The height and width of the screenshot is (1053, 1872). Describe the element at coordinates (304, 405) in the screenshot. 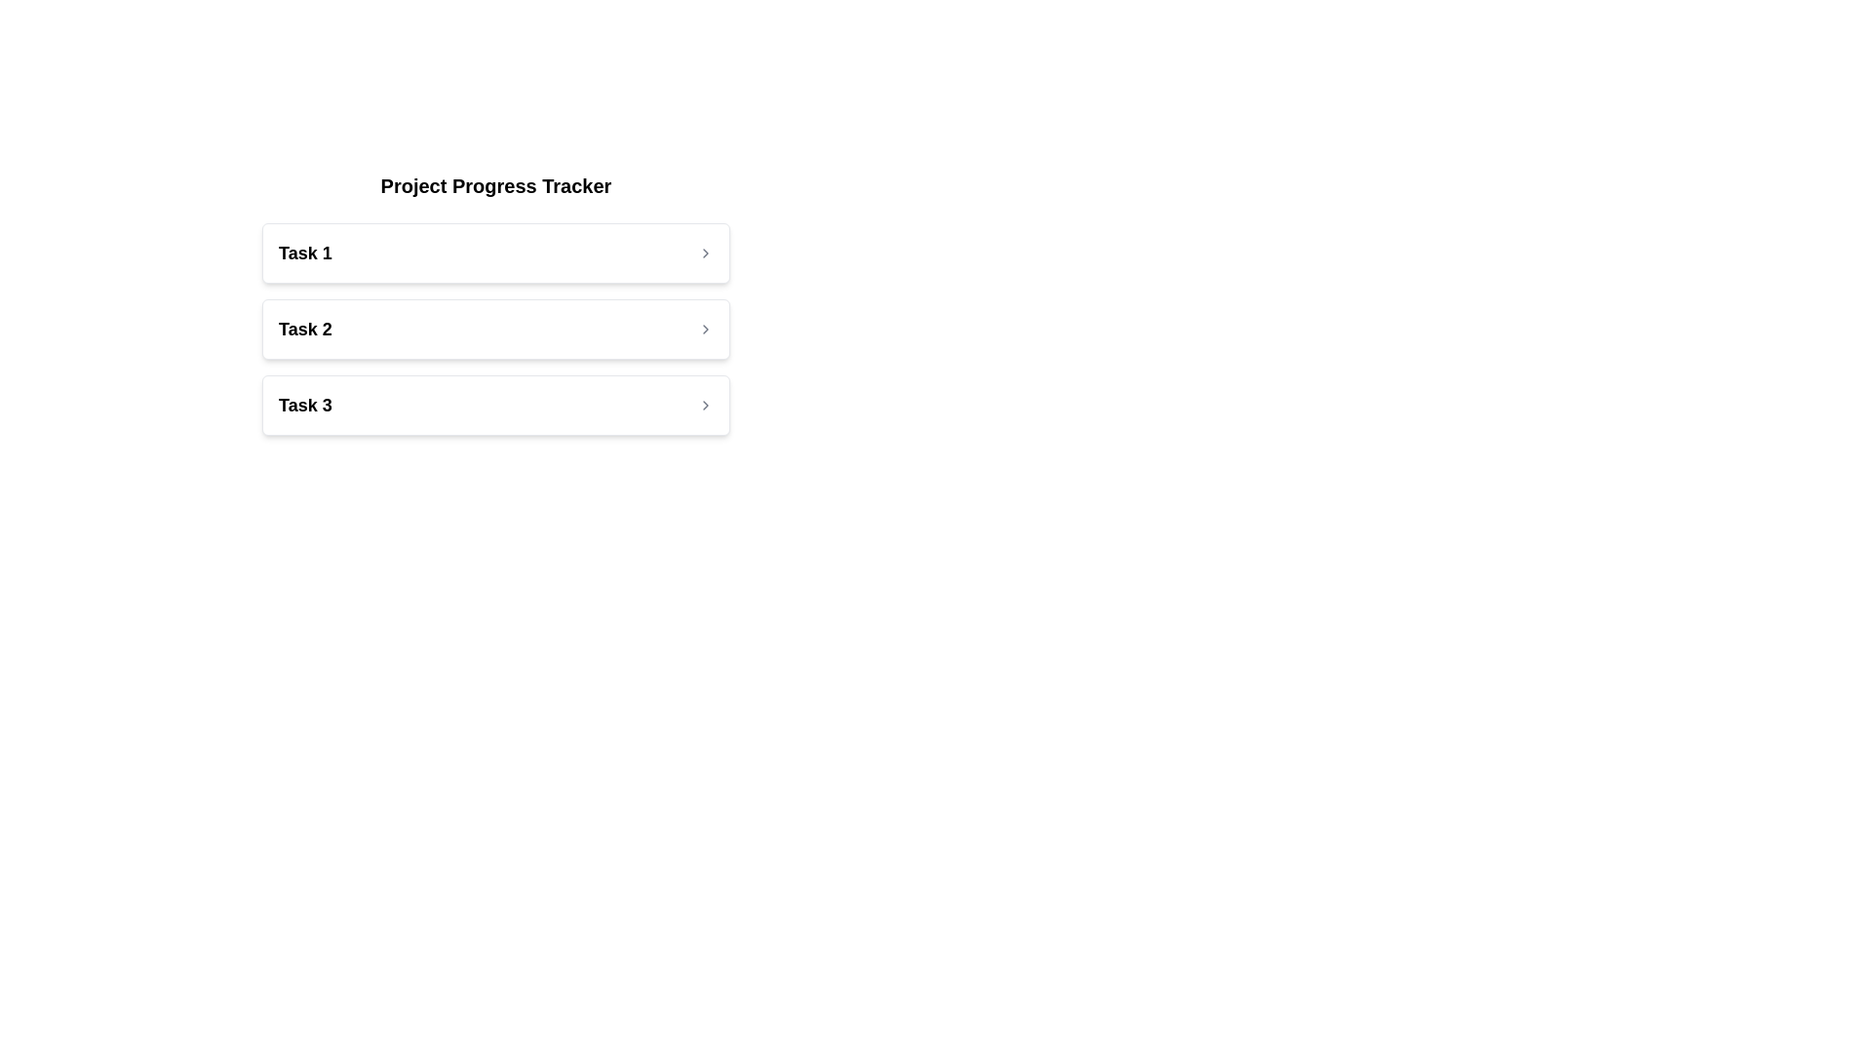

I see `text from the label or title for 'Task 3', which is the left-most element in the third row of a vertically stacked list of tasks` at that location.